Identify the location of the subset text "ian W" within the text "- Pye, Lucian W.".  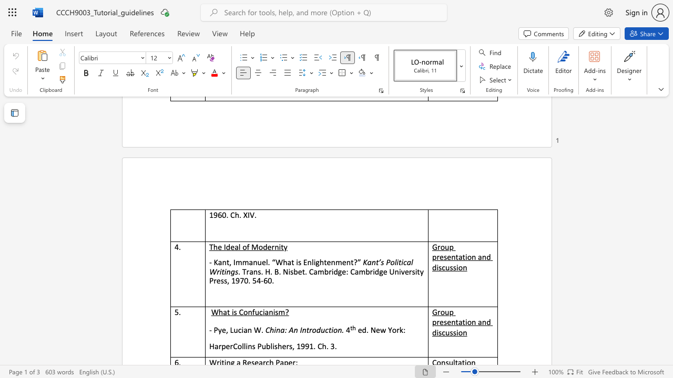
(241, 329).